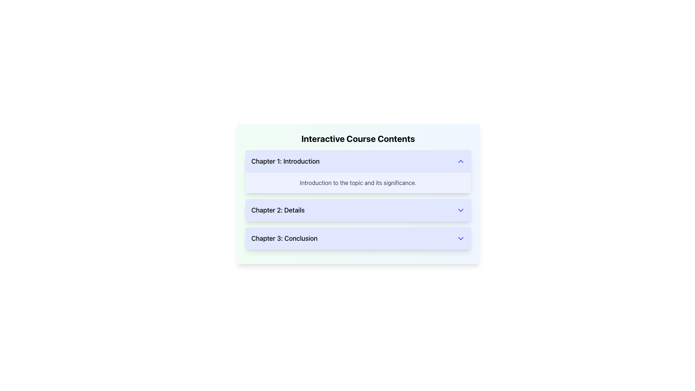 Image resolution: width=695 pixels, height=391 pixels. What do you see at coordinates (358, 210) in the screenshot?
I see `attributes of the Collapsible Section Header for 'Chapter 2: Details' located within the 'Interactive Course Contents' card by clicking on its center point` at bounding box center [358, 210].